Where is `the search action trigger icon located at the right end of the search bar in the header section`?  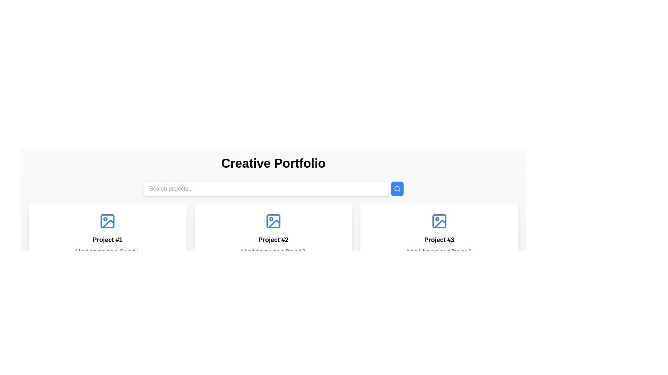 the search action trigger icon located at the right end of the search bar in the header section is located at coordinates (397, 189).